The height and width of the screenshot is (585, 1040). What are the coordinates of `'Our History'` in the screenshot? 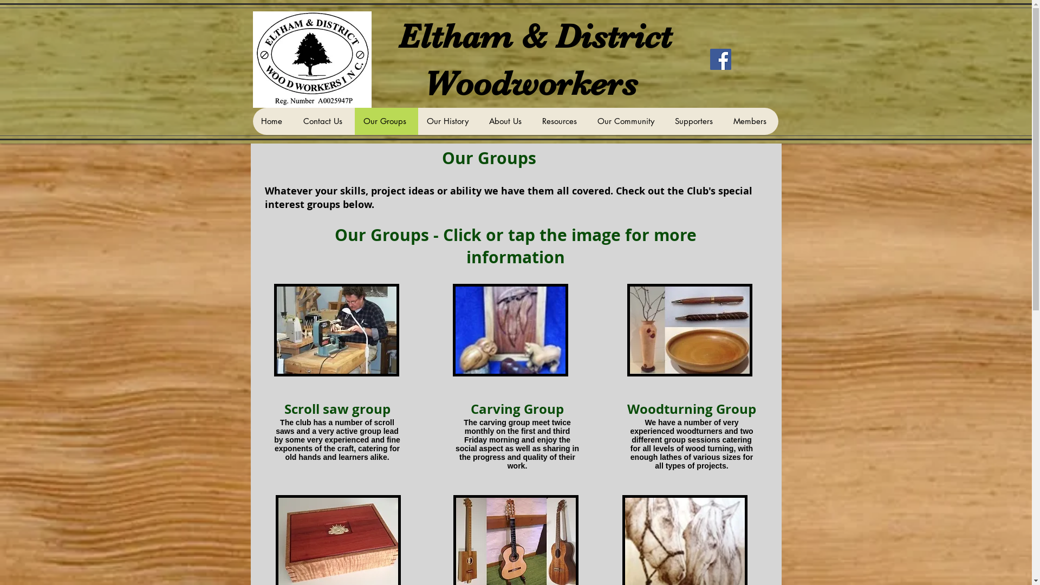 It's located at (449, 121).